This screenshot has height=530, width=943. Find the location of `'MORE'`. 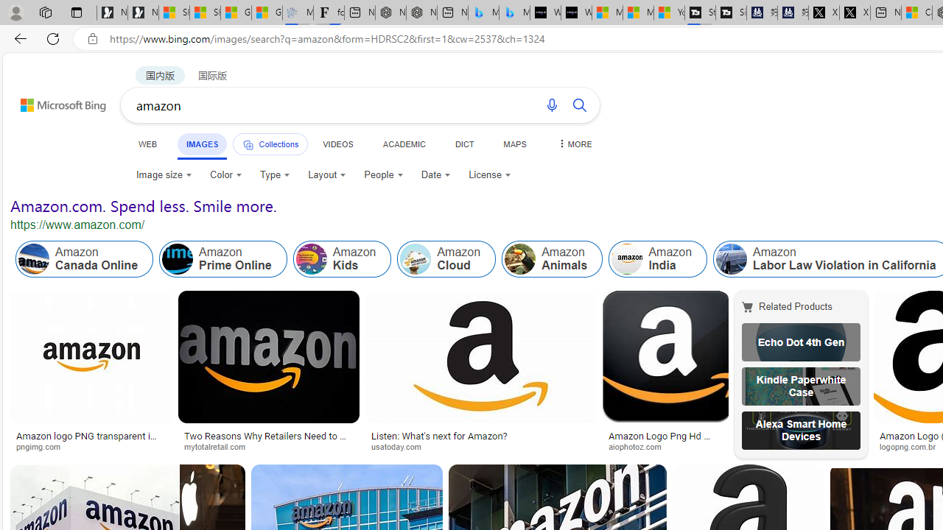

'MORE' is located at coordinates (573, 144).